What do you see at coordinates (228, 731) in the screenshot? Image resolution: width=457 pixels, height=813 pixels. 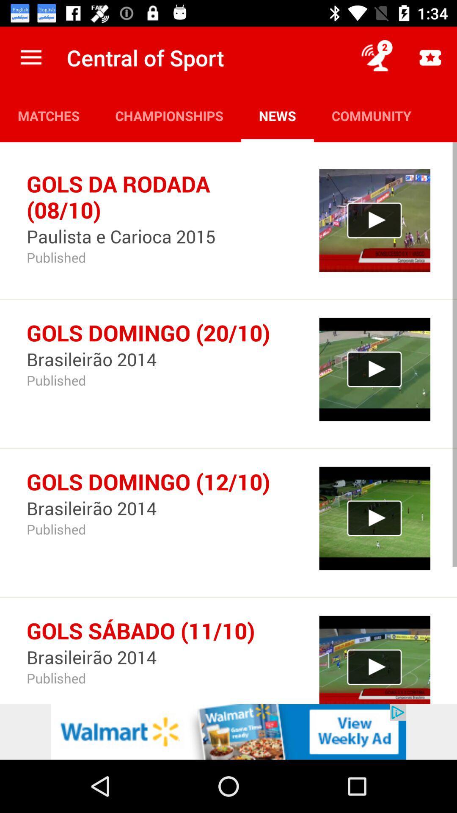 I see `the advertisement page` at bounding box center [228, 731].